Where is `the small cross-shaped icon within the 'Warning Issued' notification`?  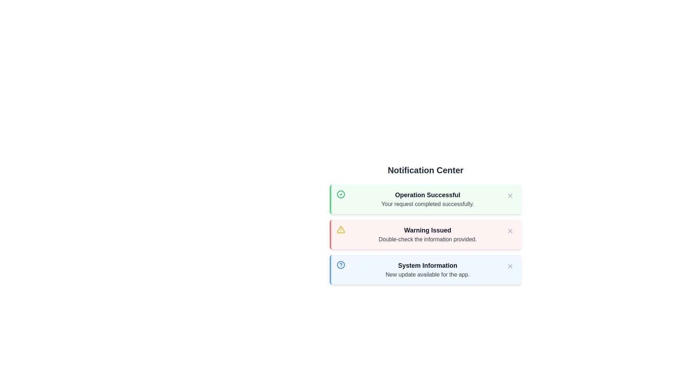
the small cross-shaped icon within the 'Warning Issued' notification is located at coordinates (510, 231).